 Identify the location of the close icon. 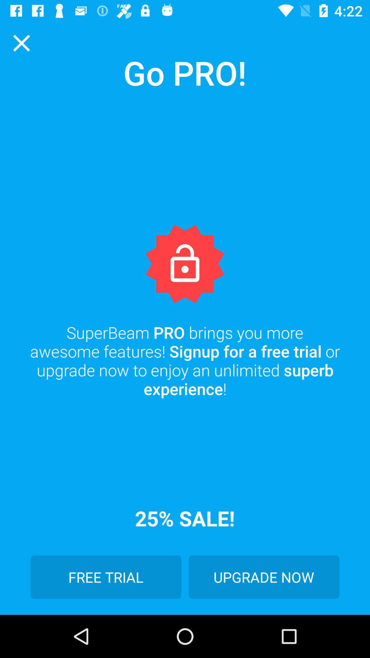
(21, 42).